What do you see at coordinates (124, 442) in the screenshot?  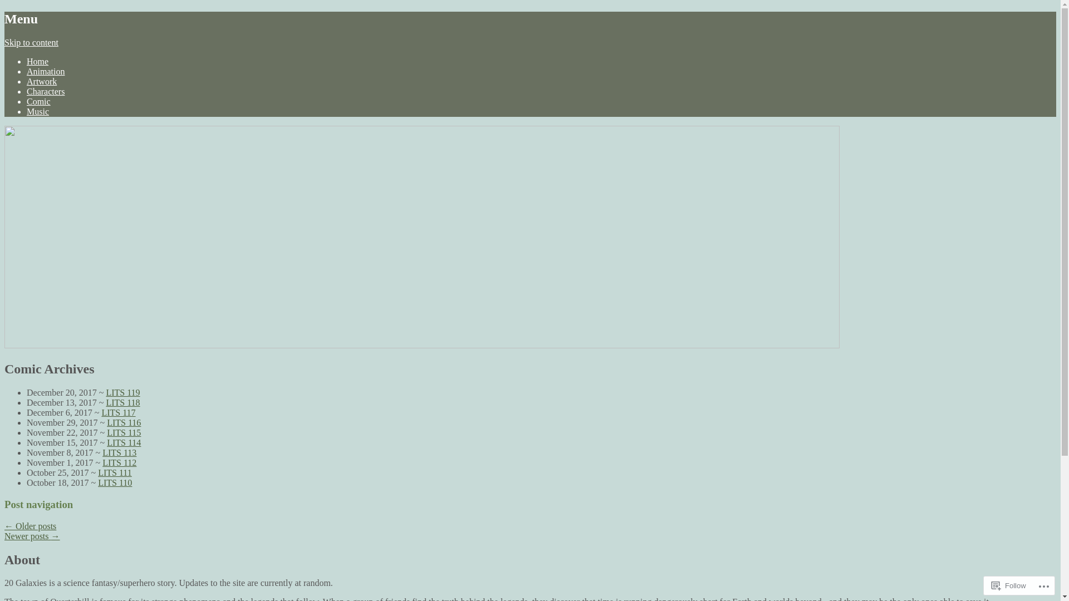 I see `'LITS 114'` at bounding box center [124, 442].